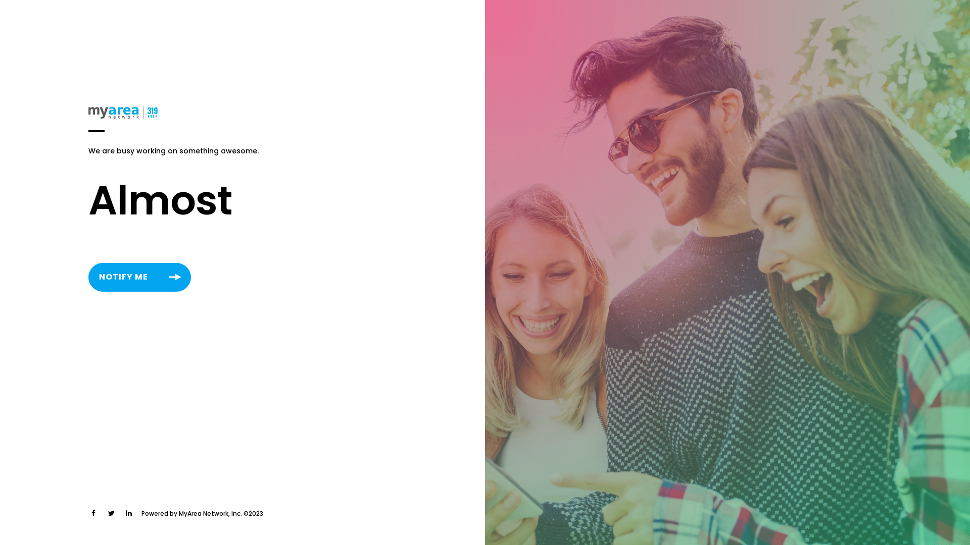 This screenshot has width=970, height=545. Describe the element at coordinates (88, 277) in the screenshot. I see `'NOTIFY ME'` at that location.